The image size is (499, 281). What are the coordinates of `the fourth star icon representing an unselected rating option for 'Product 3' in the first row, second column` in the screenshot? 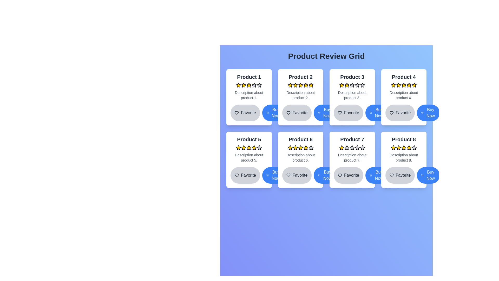 It's located at (352, 85).